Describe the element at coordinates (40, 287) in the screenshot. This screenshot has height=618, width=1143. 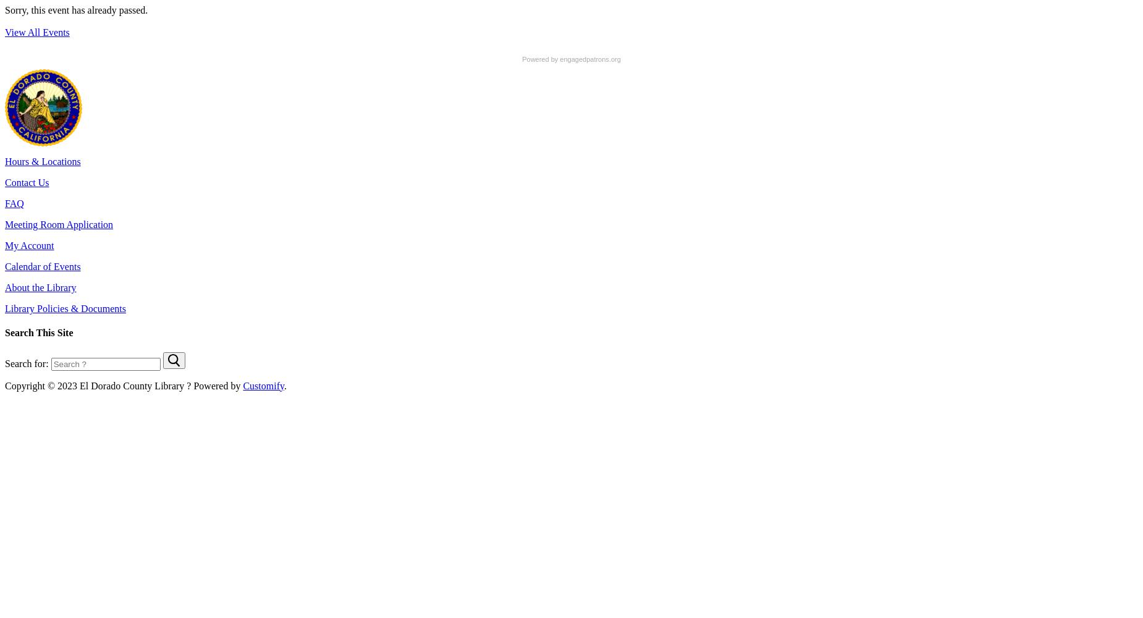
I see `'About the Library'` at that location.